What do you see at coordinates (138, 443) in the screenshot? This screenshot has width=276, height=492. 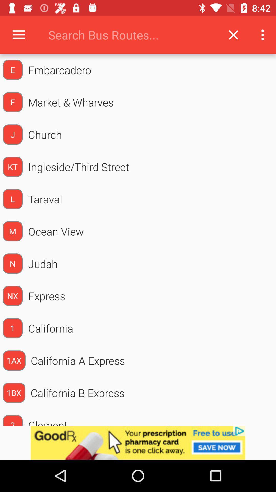 I see `advertisement advertisement` at bounding box center [138, 443].